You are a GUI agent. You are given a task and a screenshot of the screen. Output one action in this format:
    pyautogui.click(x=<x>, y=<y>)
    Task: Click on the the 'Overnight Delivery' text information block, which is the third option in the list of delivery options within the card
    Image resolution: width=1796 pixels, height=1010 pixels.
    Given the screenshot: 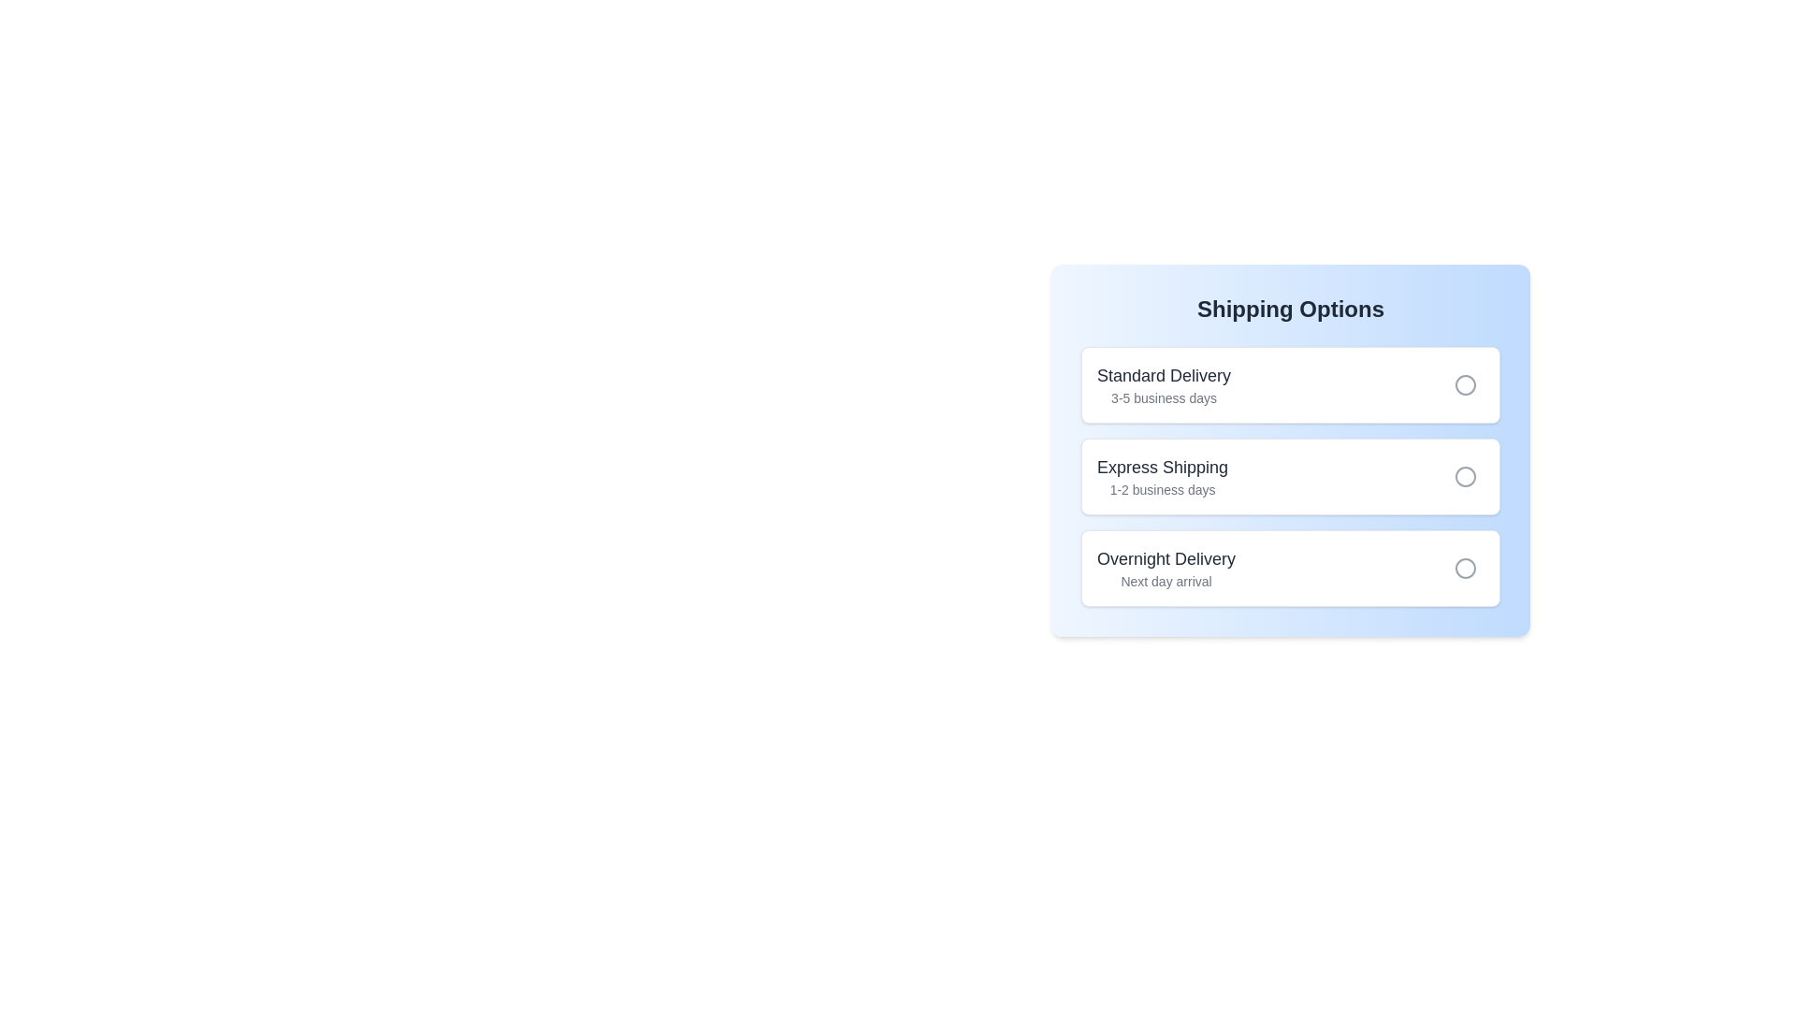 What is the action you would take?
    pyautogui.click(x=1166, y=568)
    